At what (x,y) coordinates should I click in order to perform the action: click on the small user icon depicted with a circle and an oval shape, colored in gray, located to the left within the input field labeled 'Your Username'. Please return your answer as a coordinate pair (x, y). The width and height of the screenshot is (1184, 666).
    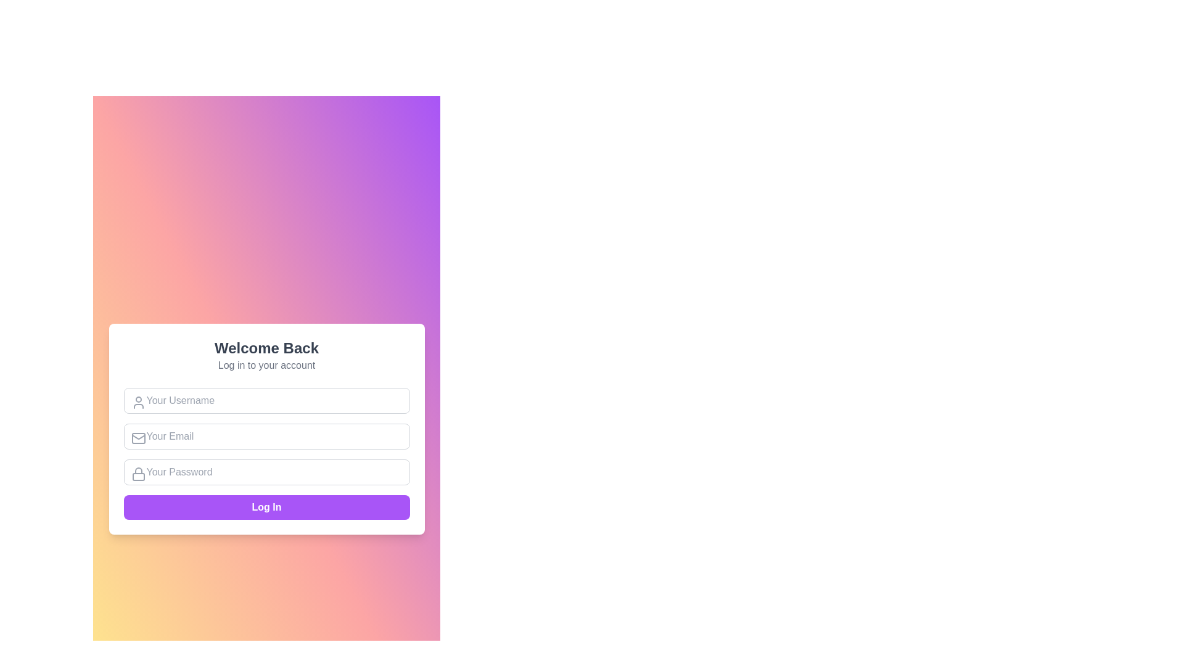
    Looking at the image, I should click on (138, 402).